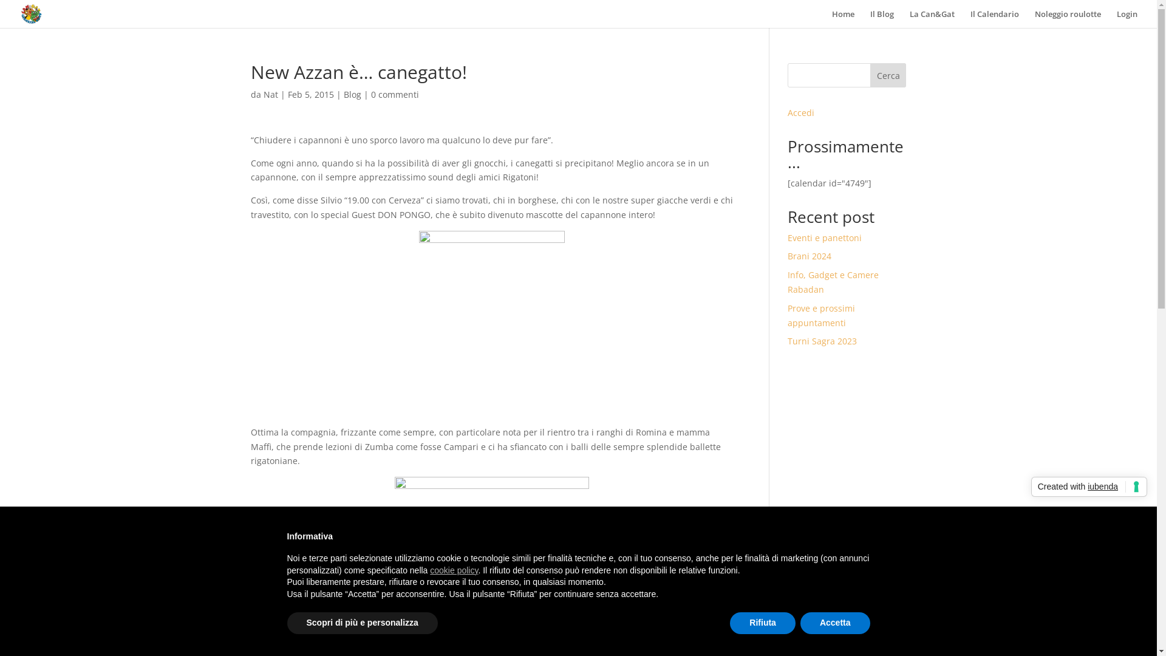 This screenshot has height=656, width=1166. I want to click on 'Accedi', so click(801, 112).